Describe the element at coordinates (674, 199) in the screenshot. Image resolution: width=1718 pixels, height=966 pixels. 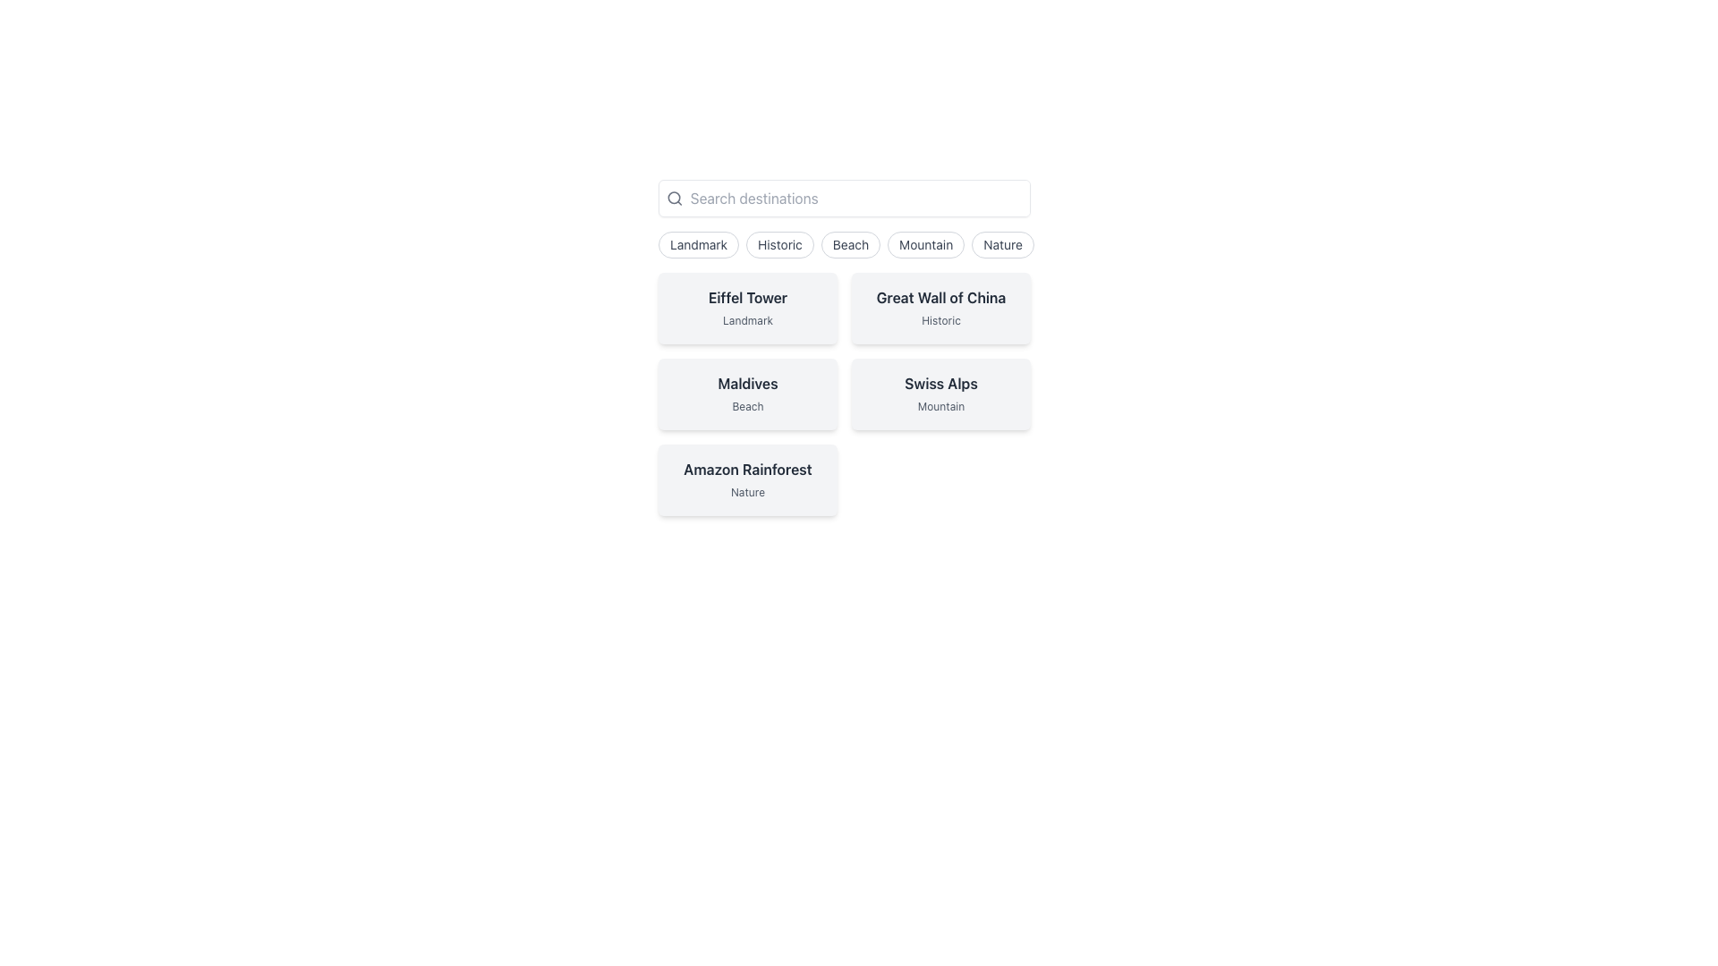
I see `the search icon, which is a magnifying glass located at the leftmost section of the horizontal search bar, to initiate a search` at that location.